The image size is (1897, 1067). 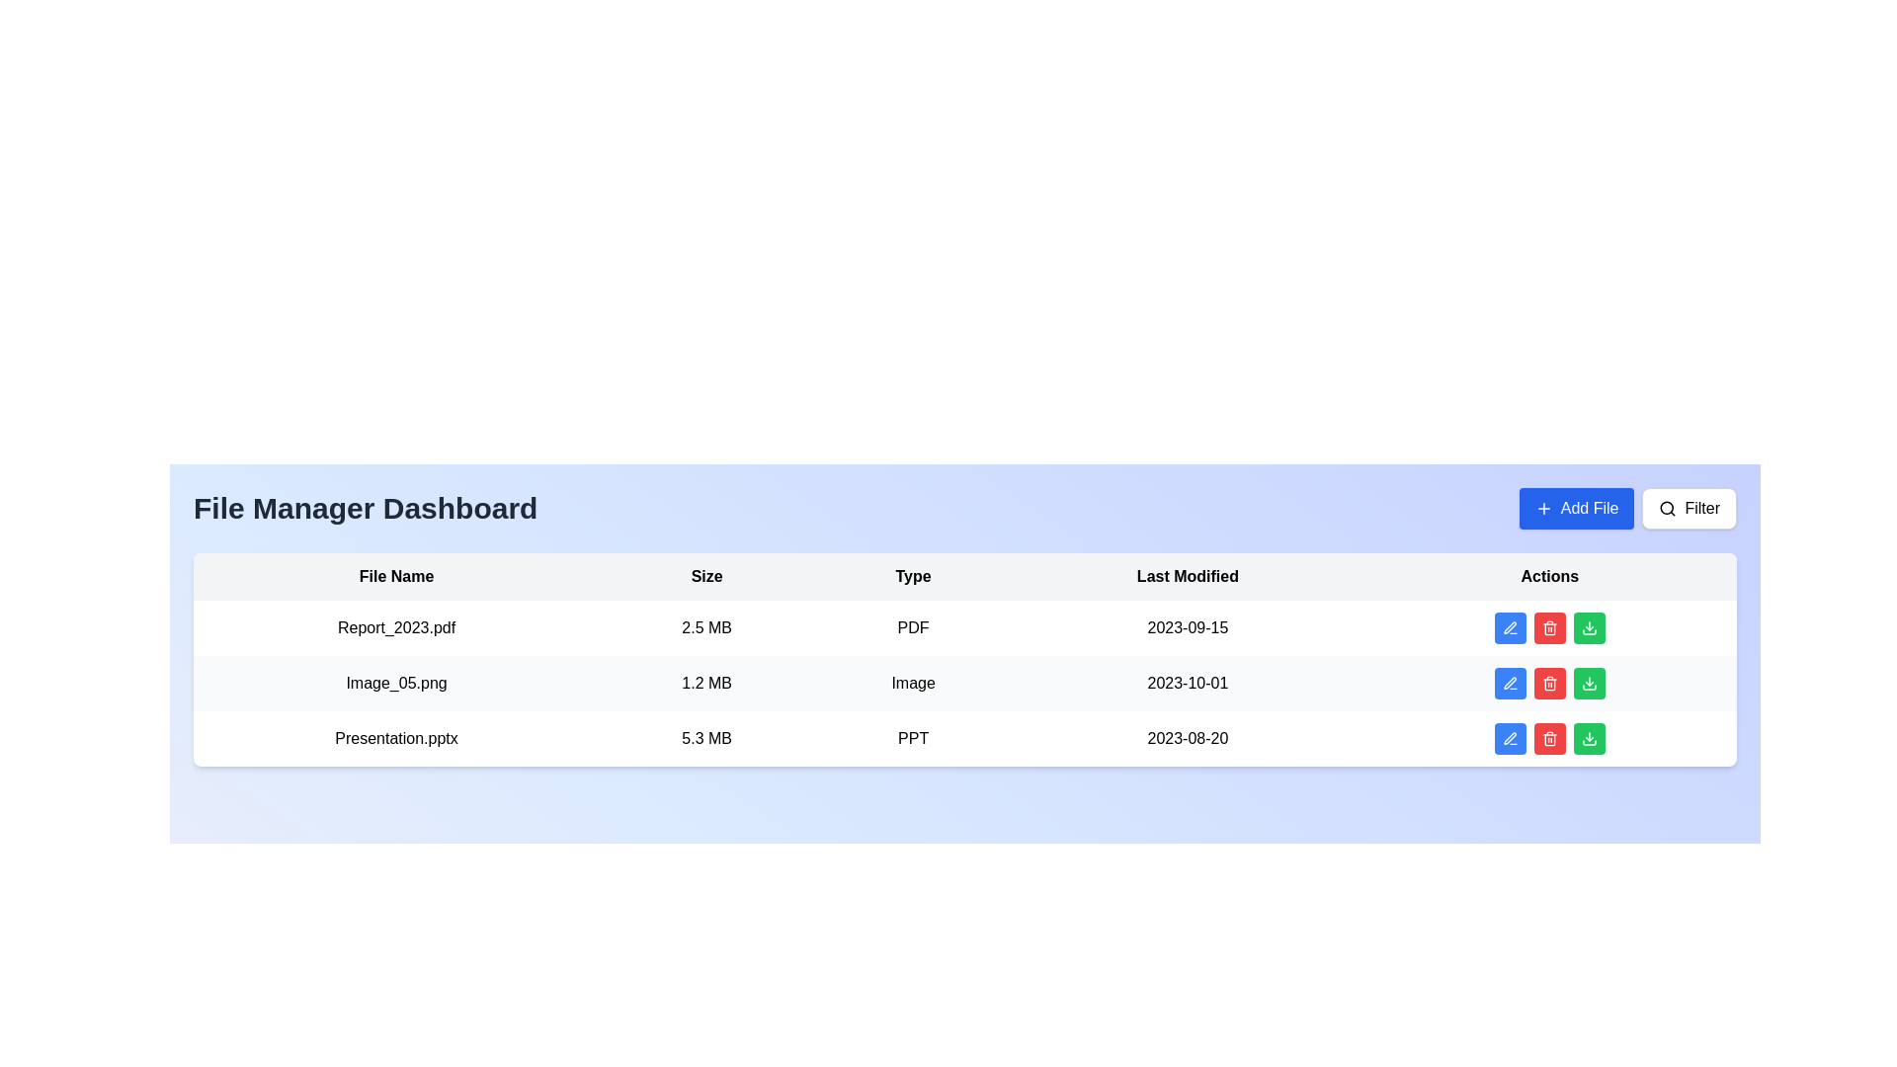 I want to click on the download icon button with a green background located in the 'Actions' column for 'Image_05.png', so click(x=1589, y=628).